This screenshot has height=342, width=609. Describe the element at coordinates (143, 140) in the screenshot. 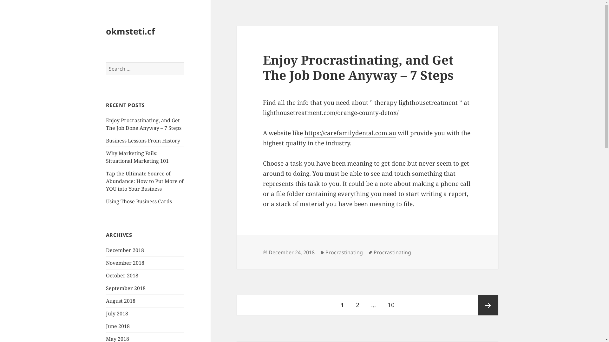

I see `'Business Lessons From History'` at that location.